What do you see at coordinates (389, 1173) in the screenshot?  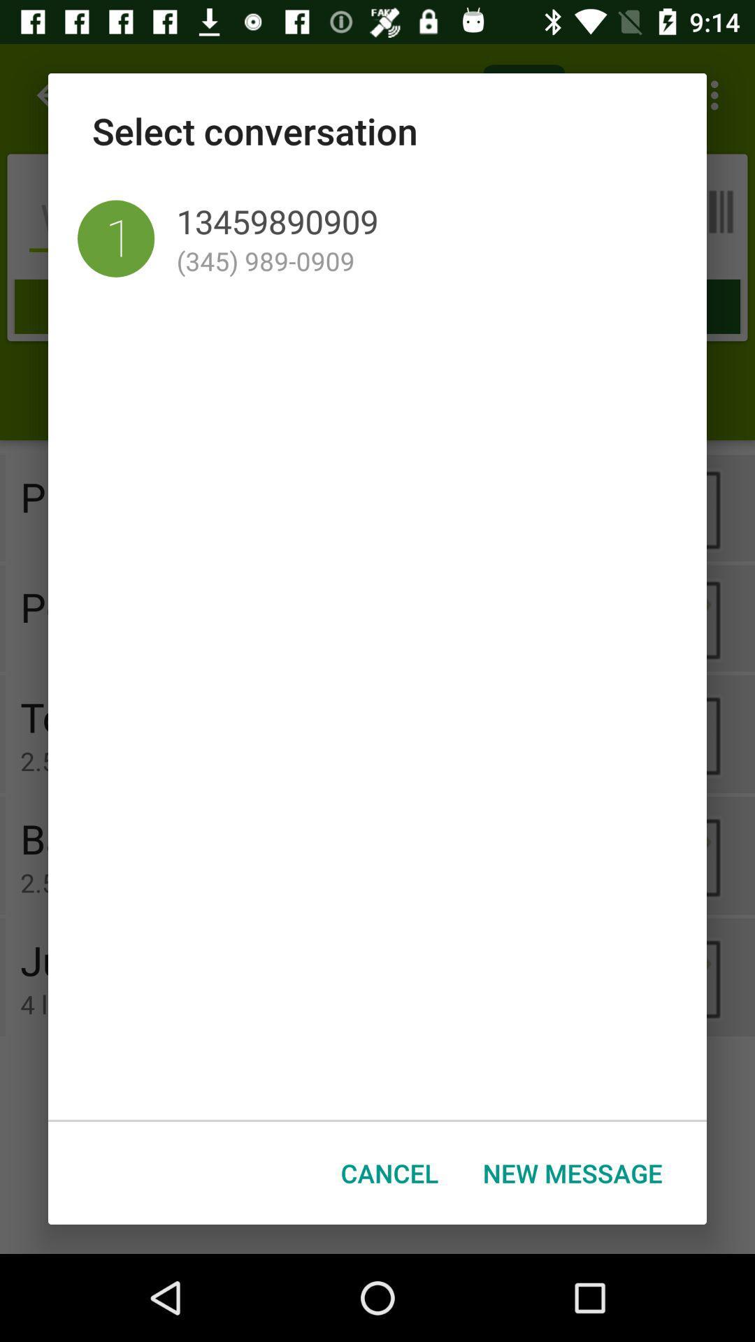 I see `the item to the left of new message button` at bounding box center [389, 1173].